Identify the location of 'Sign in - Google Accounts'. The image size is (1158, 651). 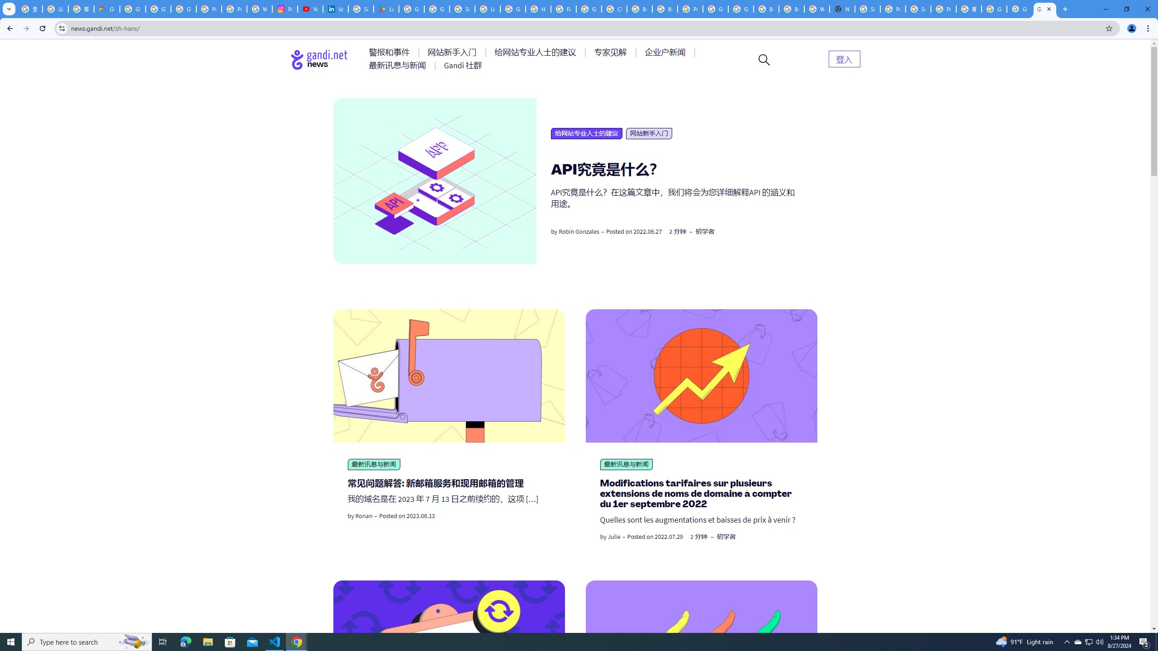
(360, 9).